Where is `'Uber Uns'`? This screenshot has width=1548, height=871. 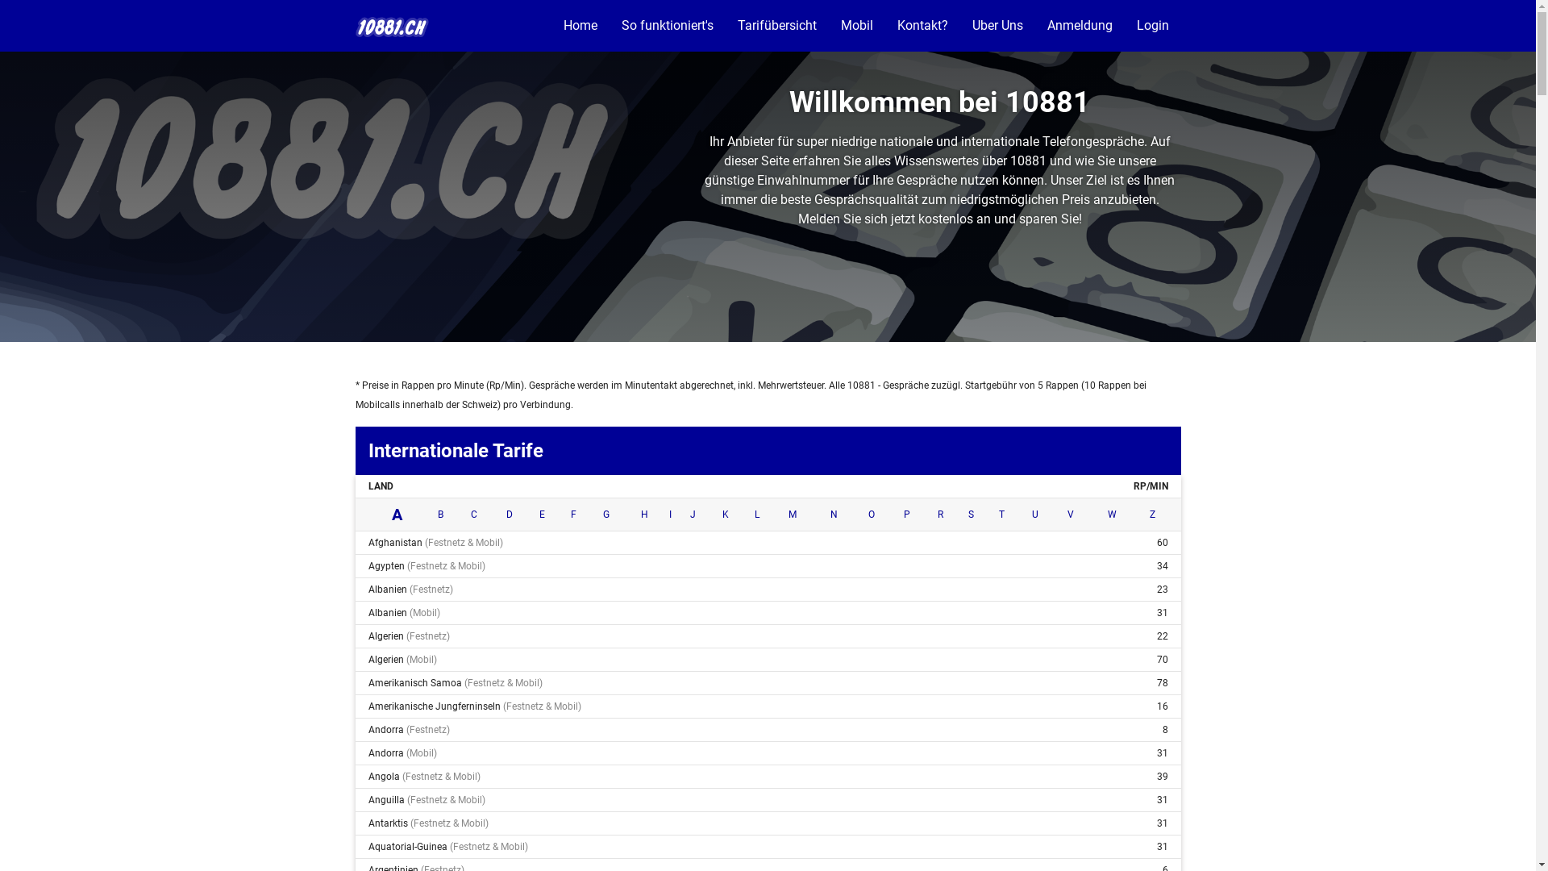
'Uber Uns' is located at coordinates (996, 25).